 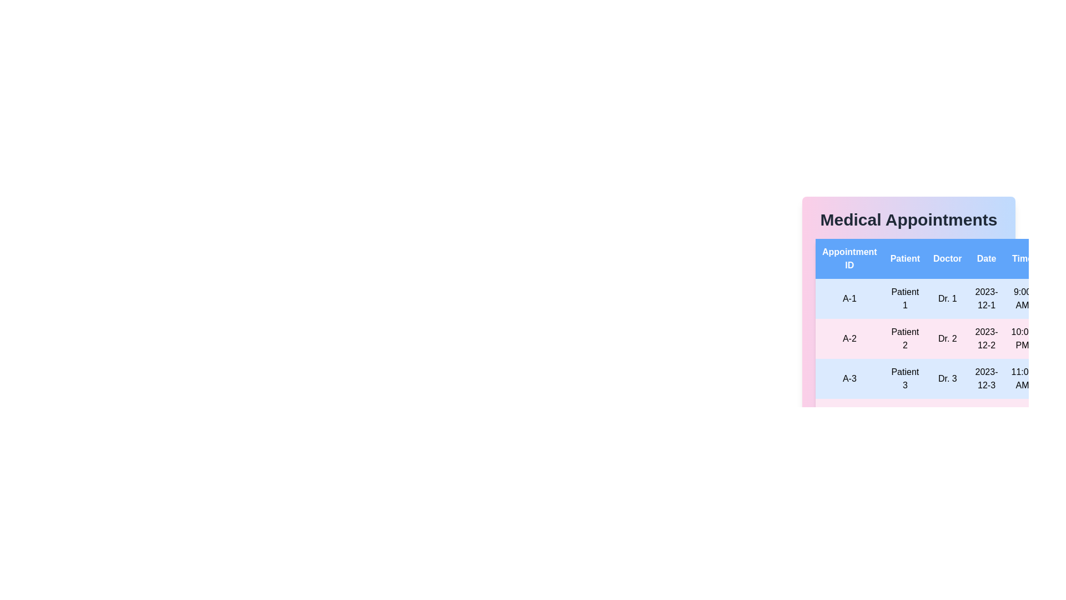 What do you see at coordinates (1022, 259) in the screenshot?
I see `the column header Time to sort the table by that column` at bounding box center [1022, 259].